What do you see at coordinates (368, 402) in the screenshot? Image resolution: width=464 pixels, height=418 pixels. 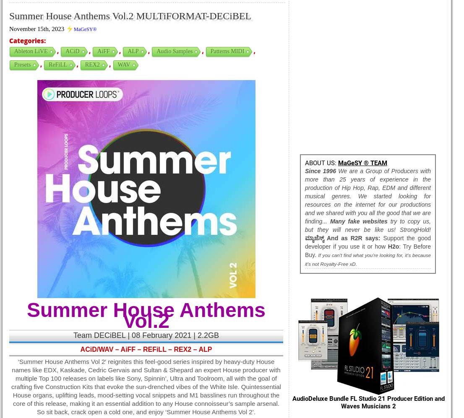 I see `'AudioDeluxe Bundle FL Studio 21 Producer Edition and Waves Musicians 2'` at bounding box center [368, 402].